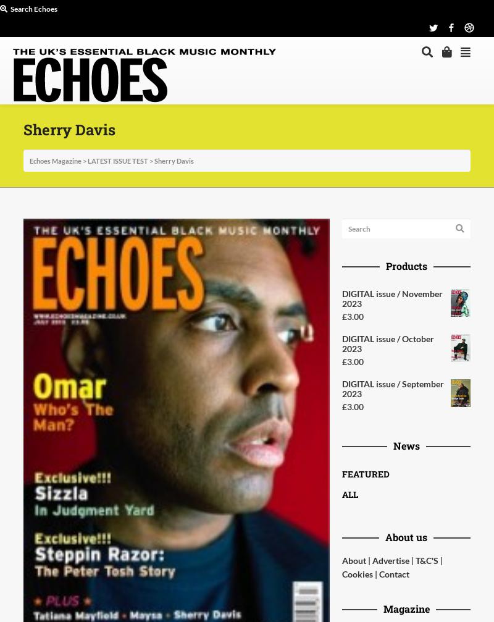  What do you see at coordinates (427, 560) in the screenshot?
I see `'T&C'S'` at bounding box center [427, 560].